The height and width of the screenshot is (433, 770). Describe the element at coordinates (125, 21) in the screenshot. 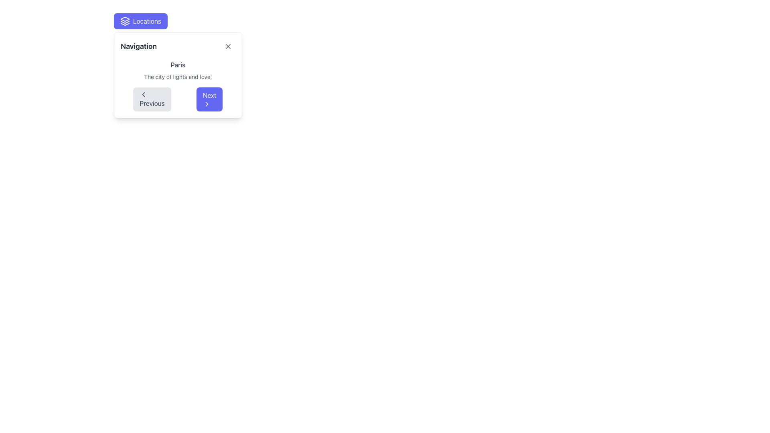

I see `the icon styled with a layered pattern that is located to the left of the 'Locations' text label within a rectangular button with a purple background` at that location.